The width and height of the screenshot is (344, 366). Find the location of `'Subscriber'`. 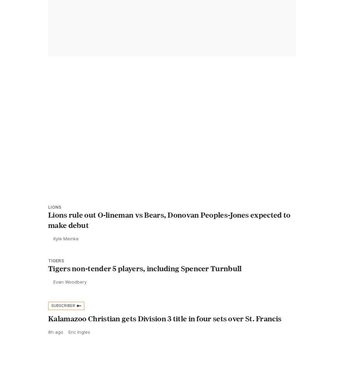

'Subscriber' is located at coordinates (63, 321).